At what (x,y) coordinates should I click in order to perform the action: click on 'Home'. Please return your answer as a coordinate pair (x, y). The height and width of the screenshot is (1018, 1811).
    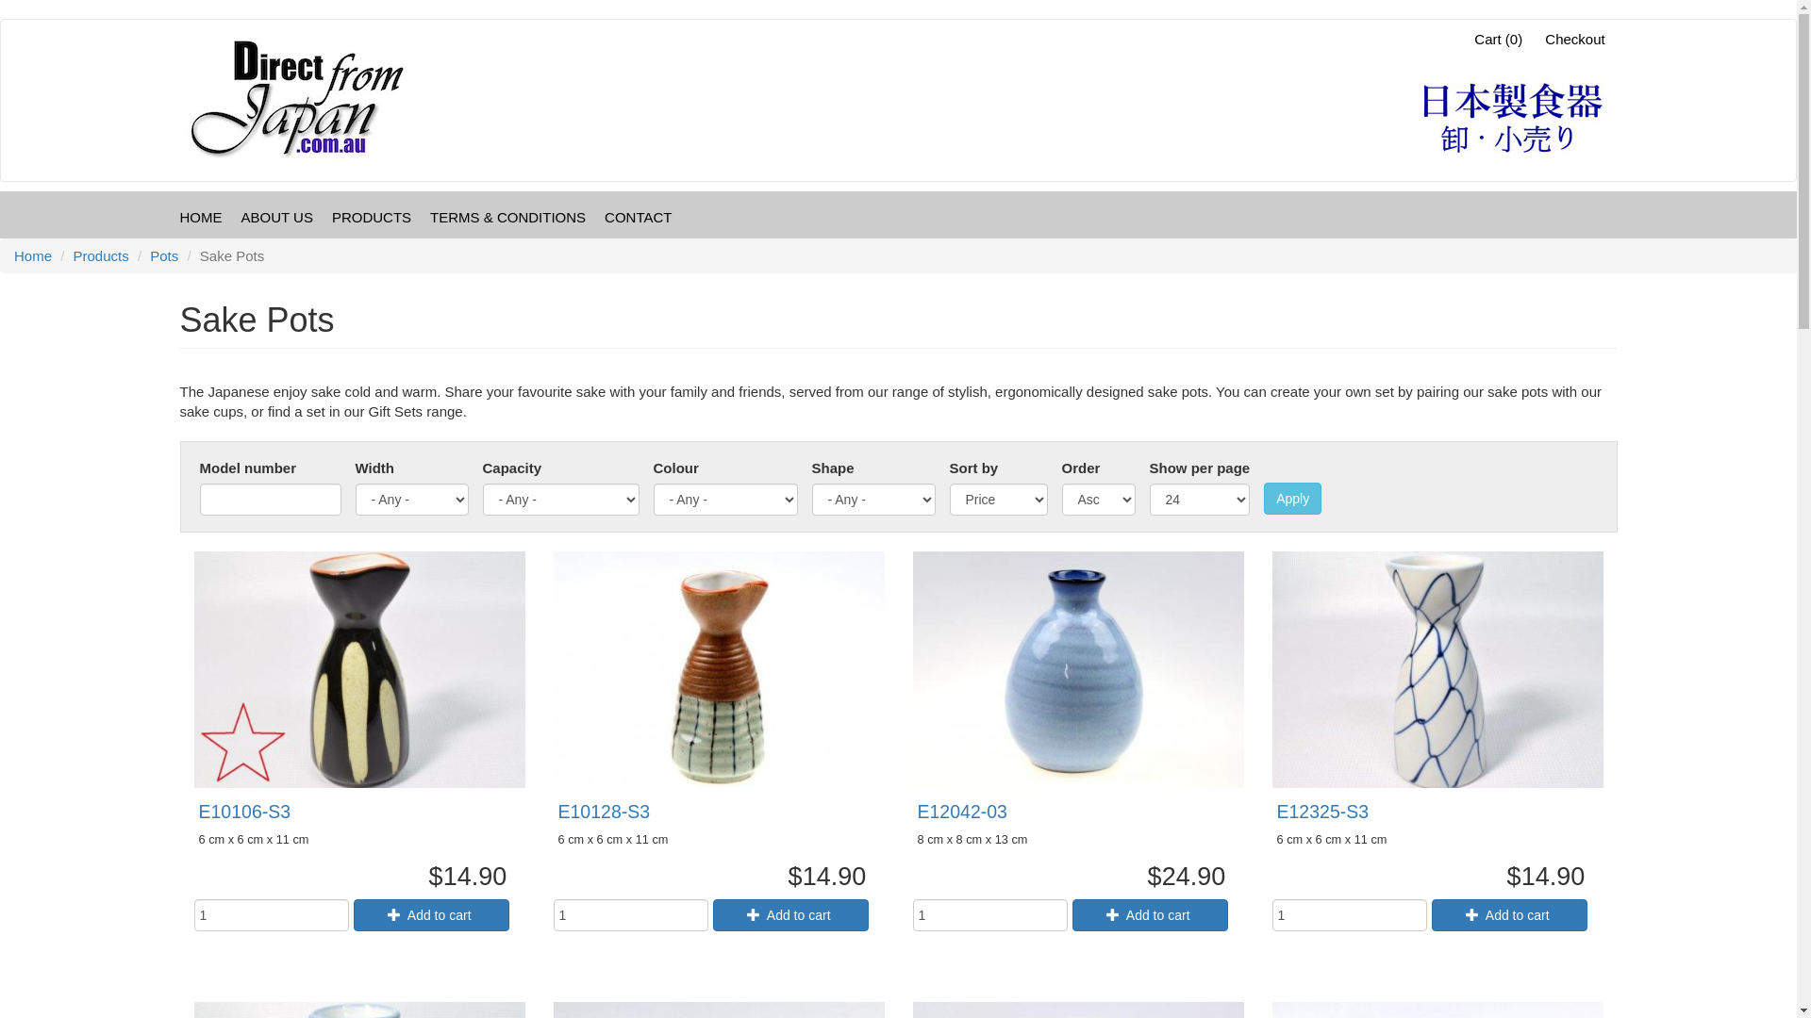
    Looking at the image, I should click on (307, 100).